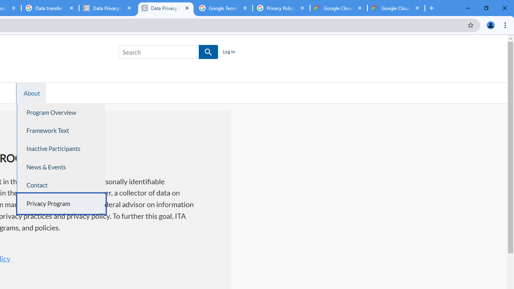 This screenshot has width=514, height=289. What do you see at coordinates (339, 8) in the screenshot?
I see `'Google Cloud Privacy Notice'` at bounding box center [339, 8].